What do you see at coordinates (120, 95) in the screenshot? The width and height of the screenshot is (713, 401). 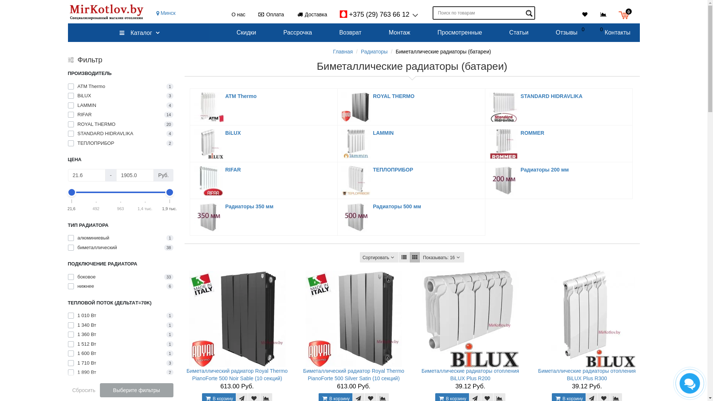 I see `'BiLUX` at bounding box center [120, 95].